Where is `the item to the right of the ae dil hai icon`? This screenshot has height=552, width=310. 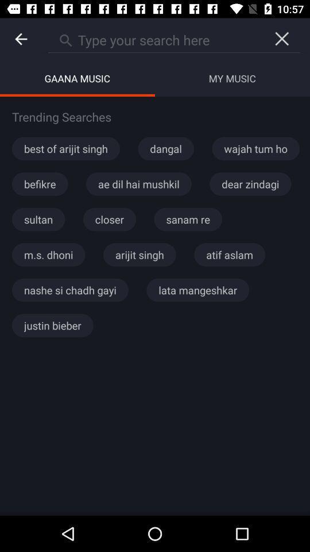
the item to the right of the ae dil hai icon is located at coordinates (250, 184).